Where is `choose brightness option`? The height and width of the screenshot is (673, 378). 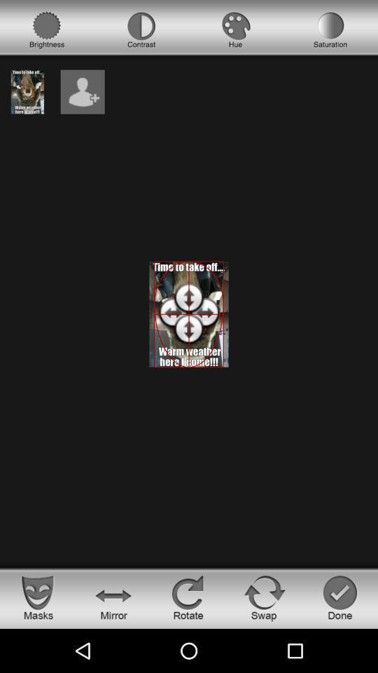 choose brightness option is located at coordinates (47, 29).